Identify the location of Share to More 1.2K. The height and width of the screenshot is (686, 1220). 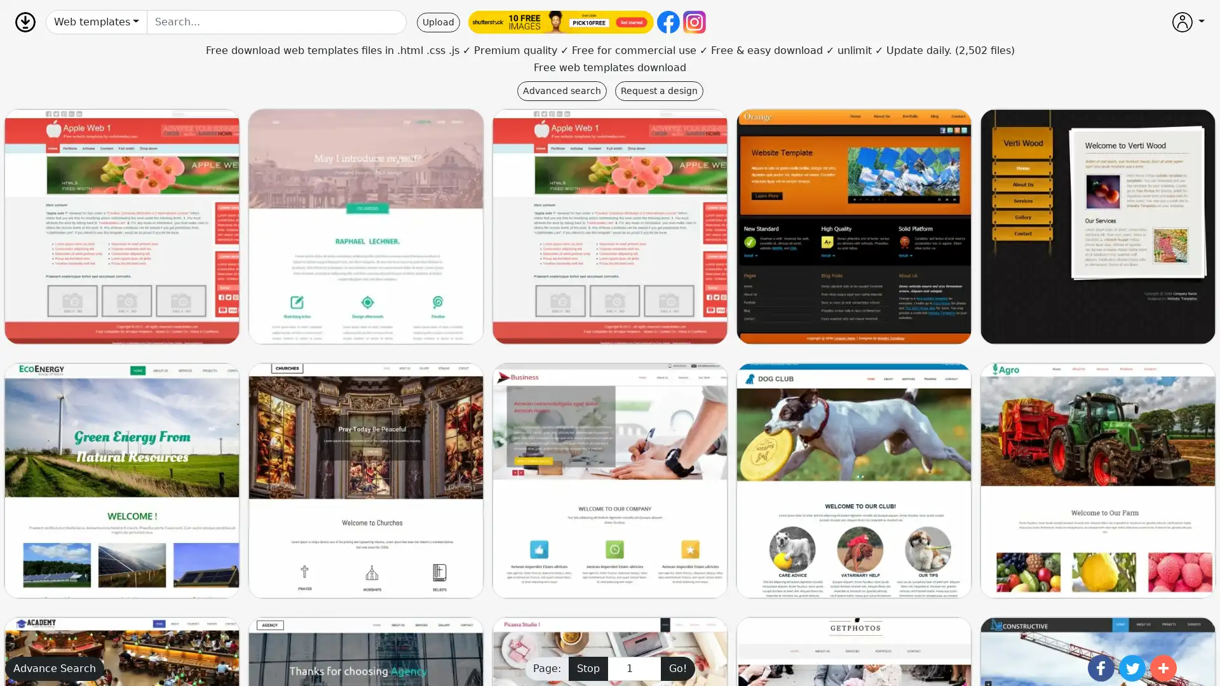
(1153, 668).